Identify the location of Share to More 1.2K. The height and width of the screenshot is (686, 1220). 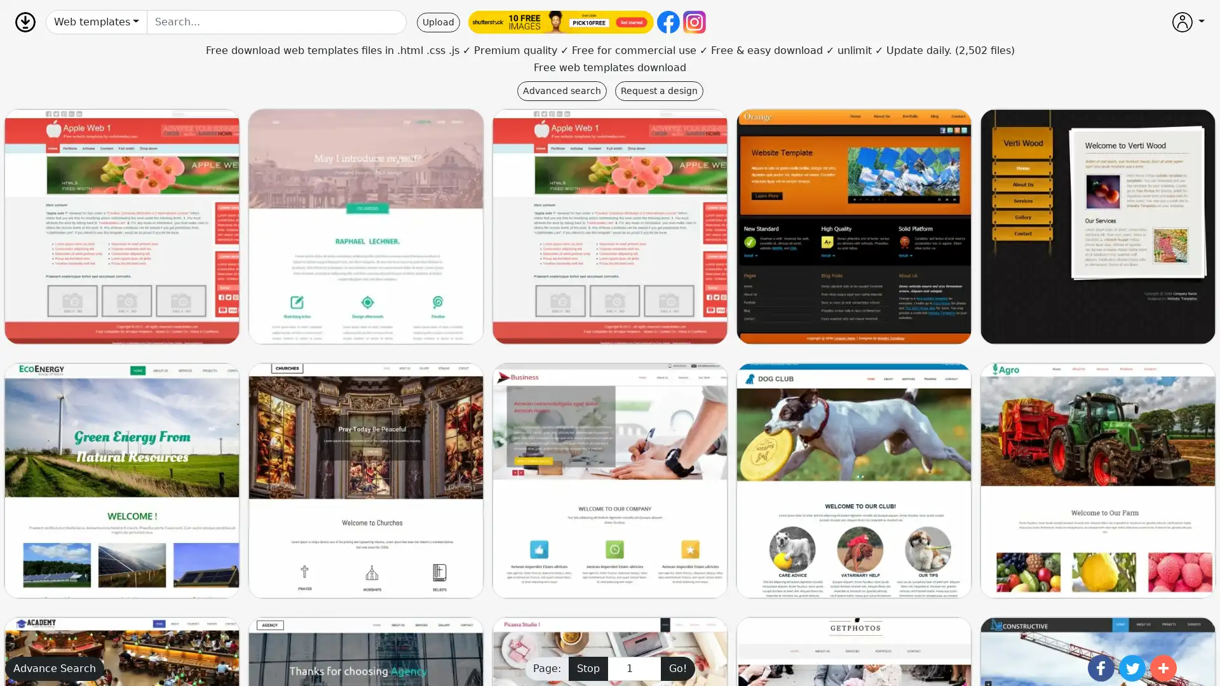
(1153, 668).